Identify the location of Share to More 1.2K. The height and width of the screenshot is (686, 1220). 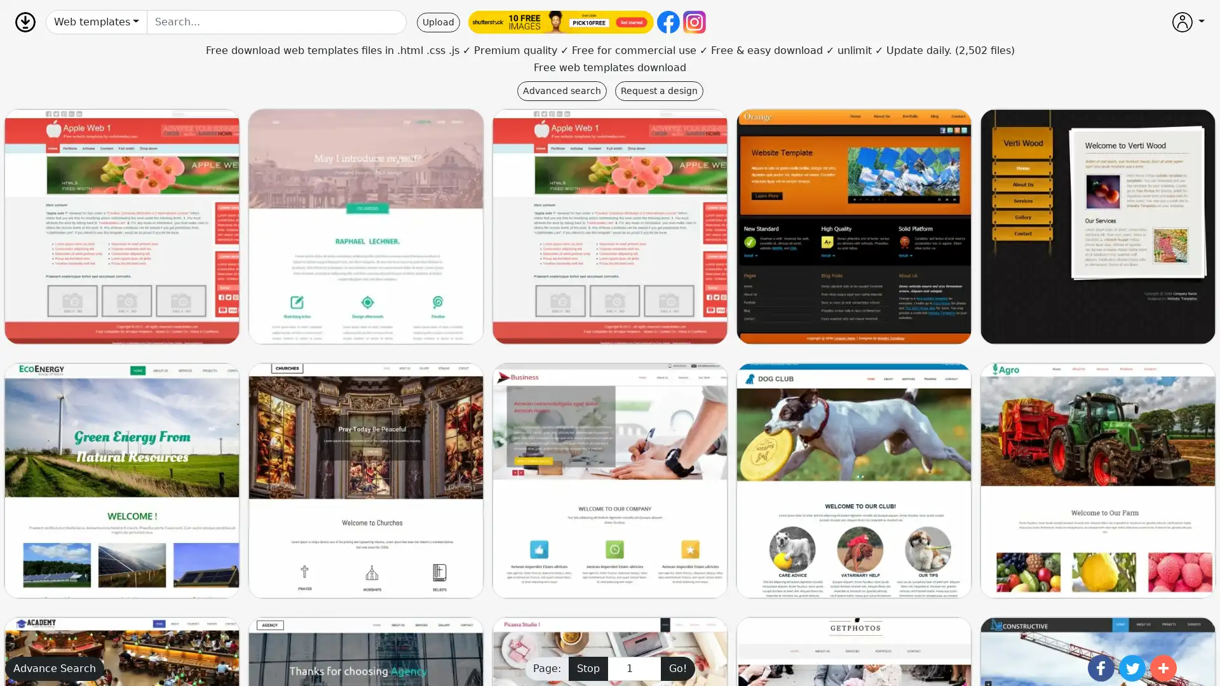
(1153, 668).